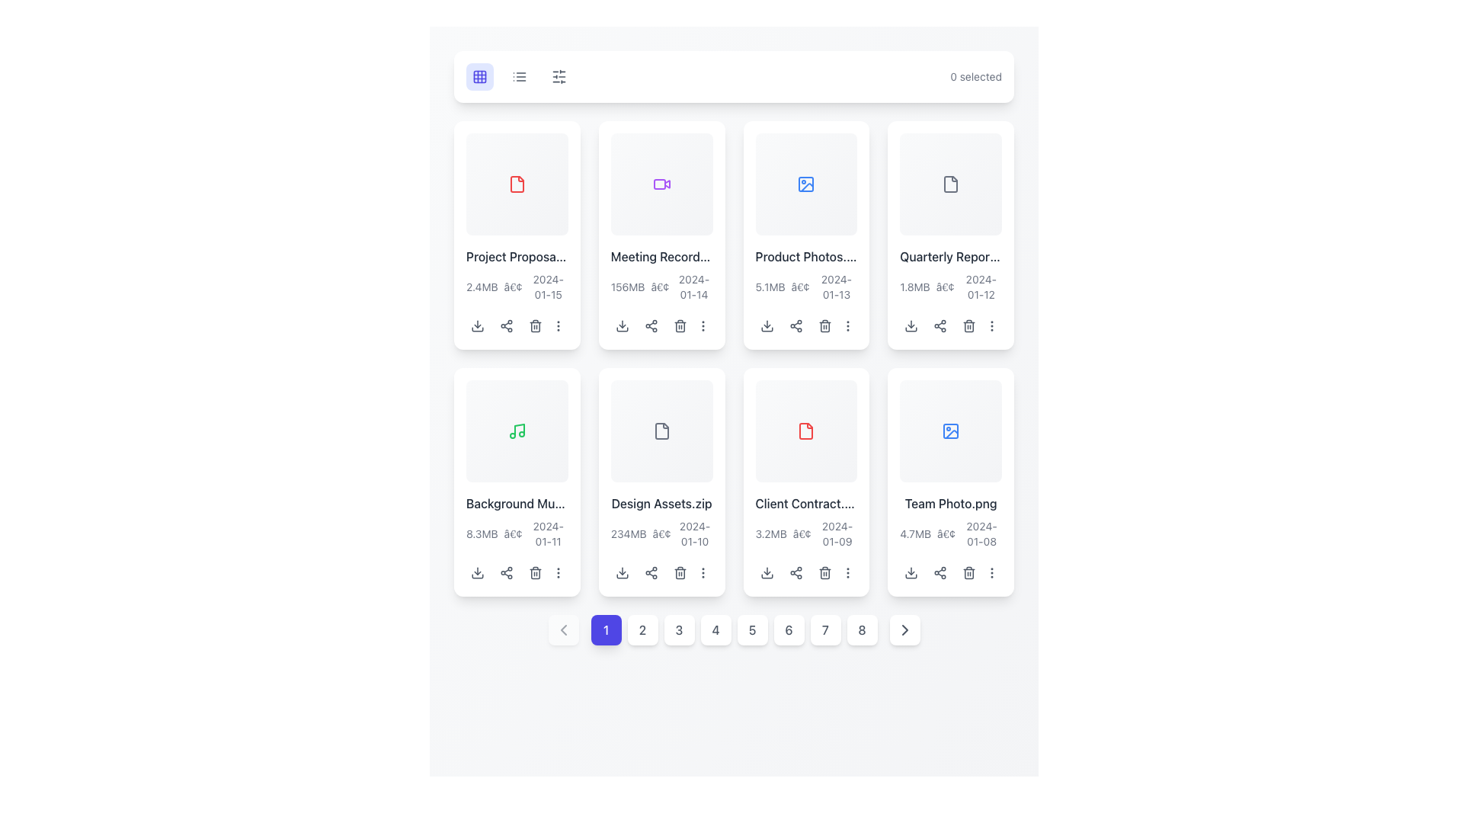 Image resolution: width=1463 pixels, height=823 pixels. I want to click on the share IconButton located to the right of the download icon and aligned to the left of the delete and options icons in the bottom section of the card labeled 'Background Music.mp3' to initiate sharing, so click(507, 572).